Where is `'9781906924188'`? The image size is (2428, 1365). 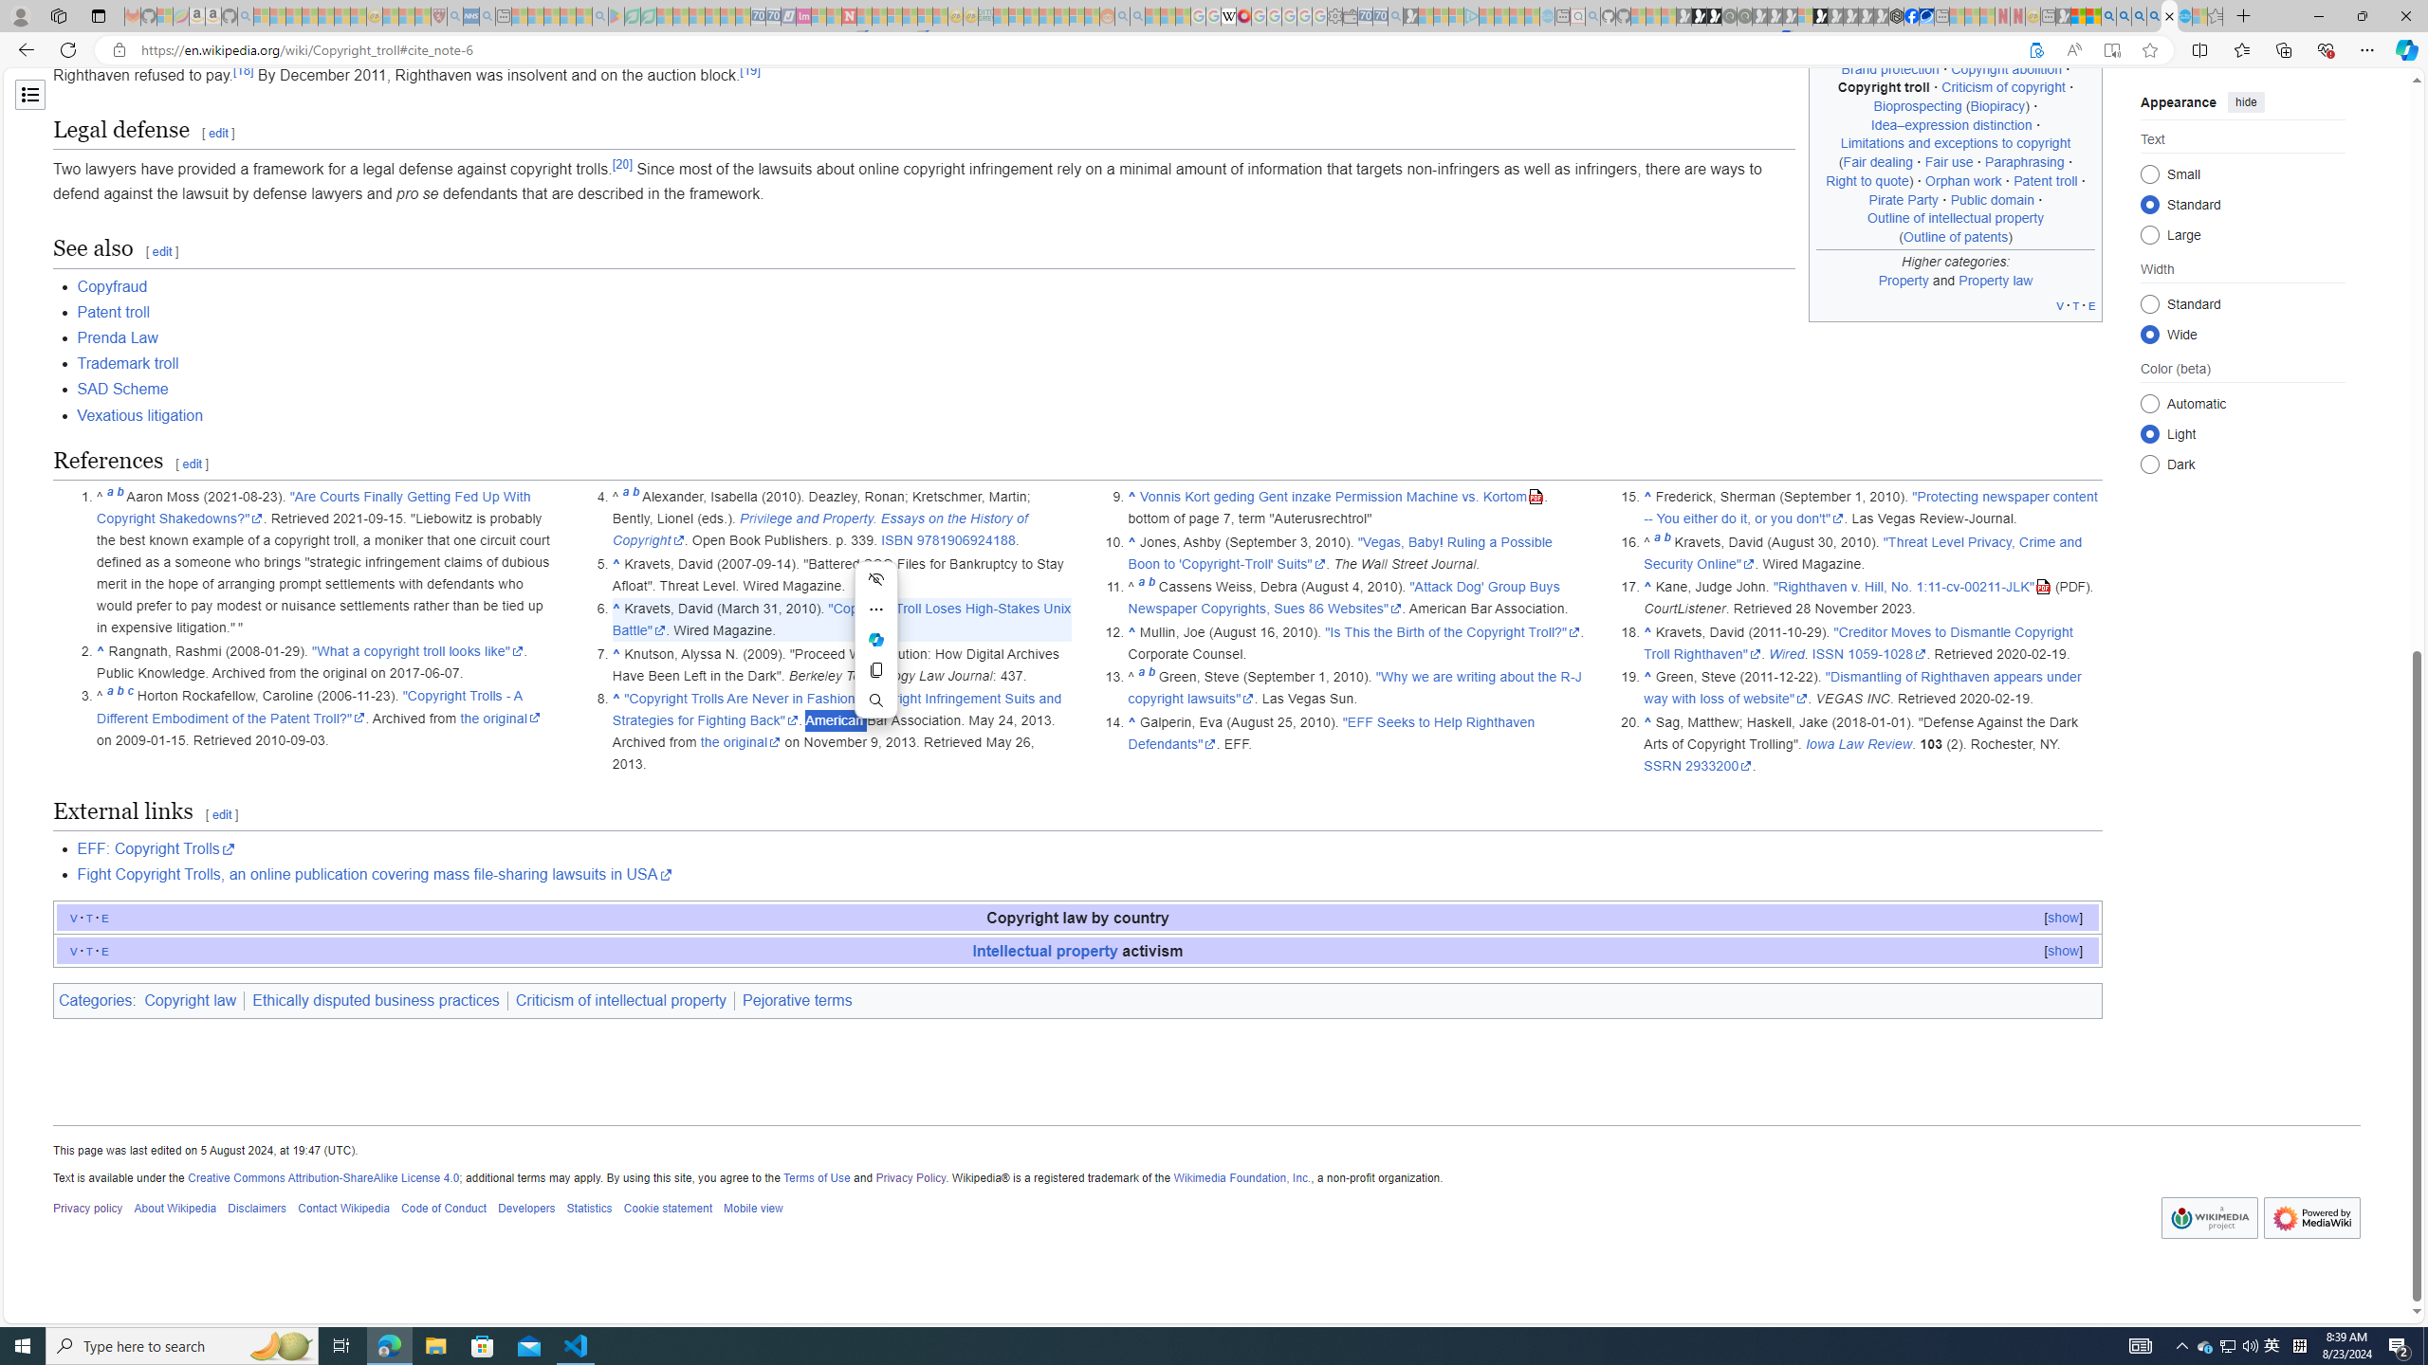
'9781906924188' is located at coordinates (964, 540).